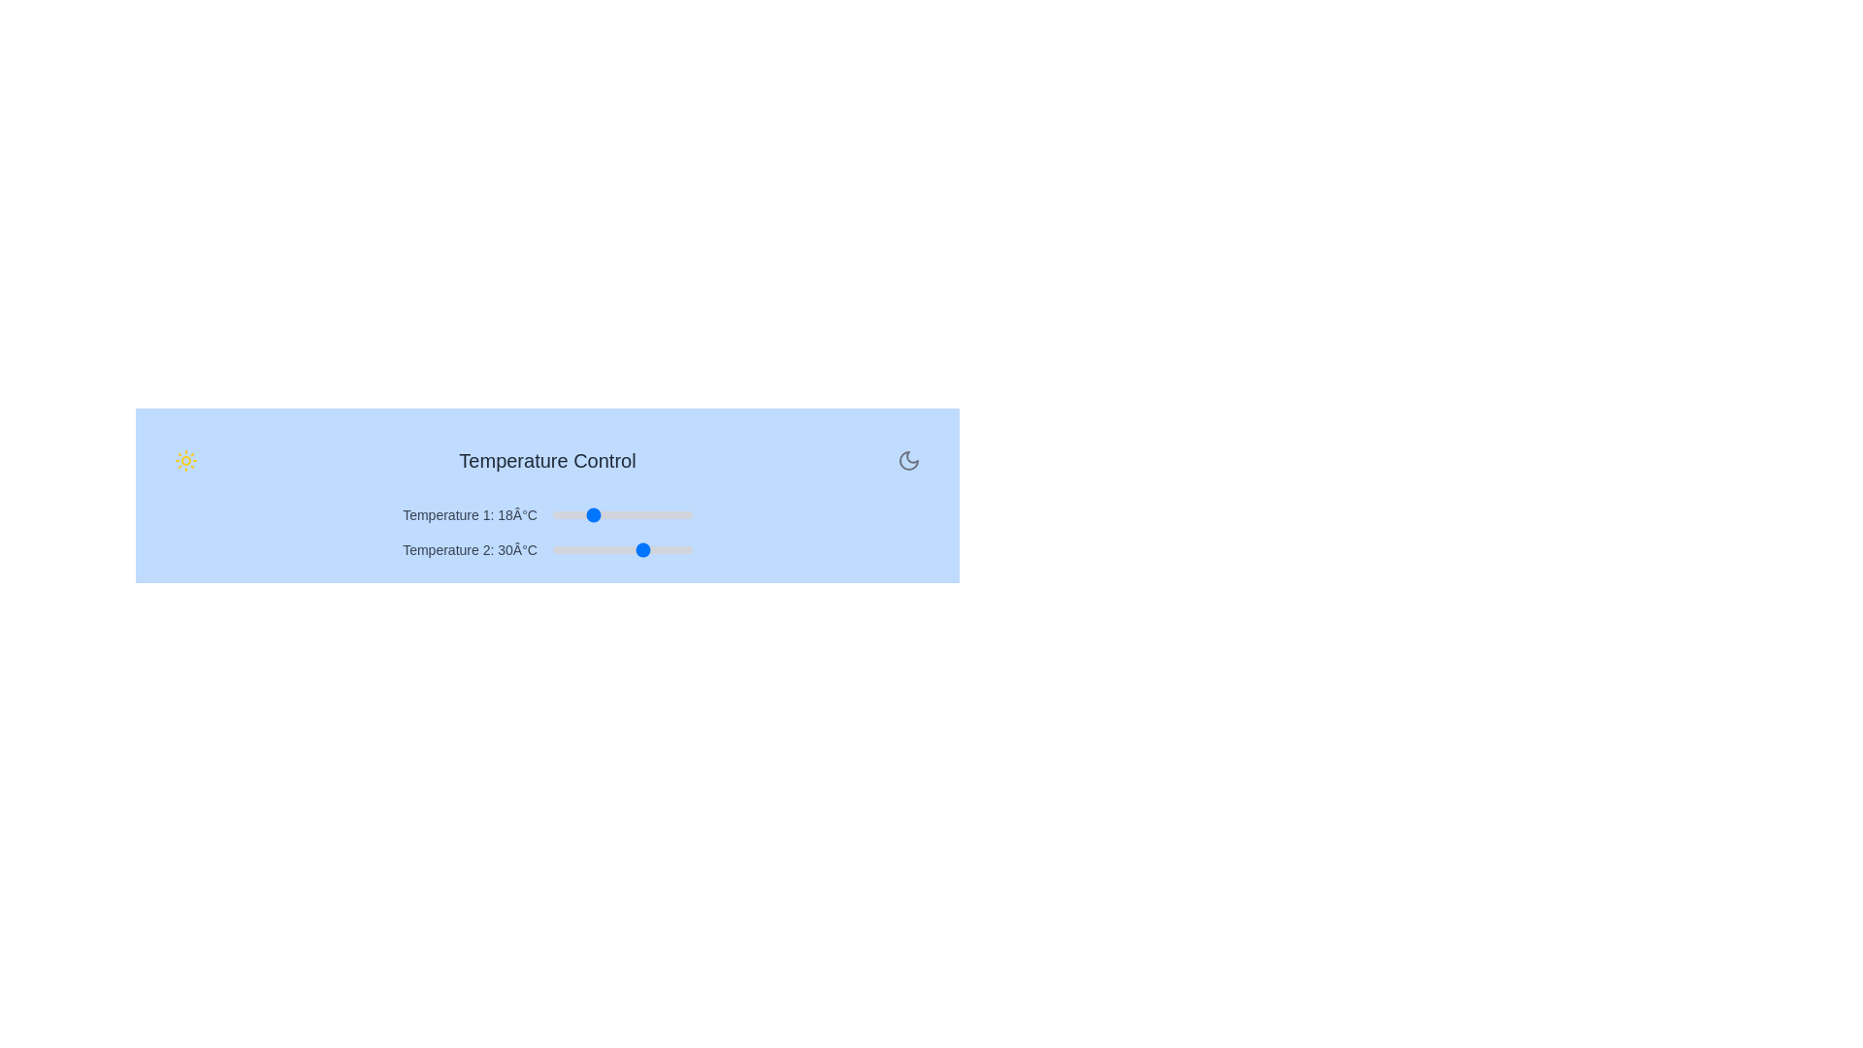  I want to click on temperature information displayed in the 'Temperature Control' module, which includes 'Temperature 1: 18°C' and 'Temperature 2: 30°C', so click(546, 494).